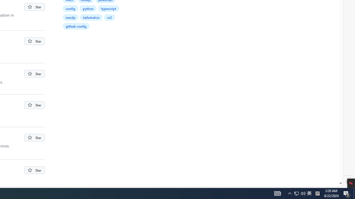  Describe the element at coordinates (70, 8) in the screenshot. I see `'config'` at that location.